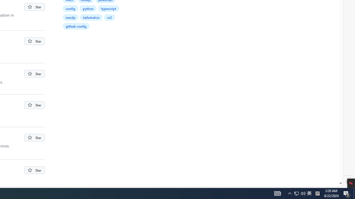  Describe the element at coordinates (70, 8) in the screenshot. I see `'config'` at that location.